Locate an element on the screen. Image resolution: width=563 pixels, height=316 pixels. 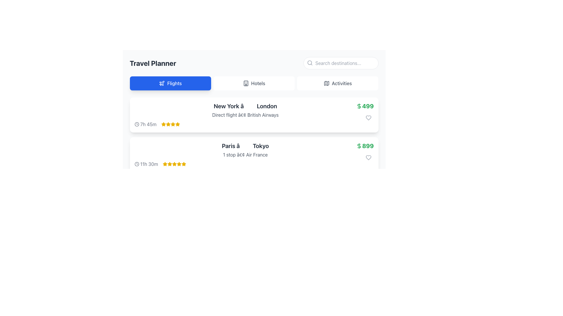
the price value '$499' in bold green text along with the heart icon in grey, located at the top-right corner of the flight offer card from New York to London is located at coordinates (364, 113).